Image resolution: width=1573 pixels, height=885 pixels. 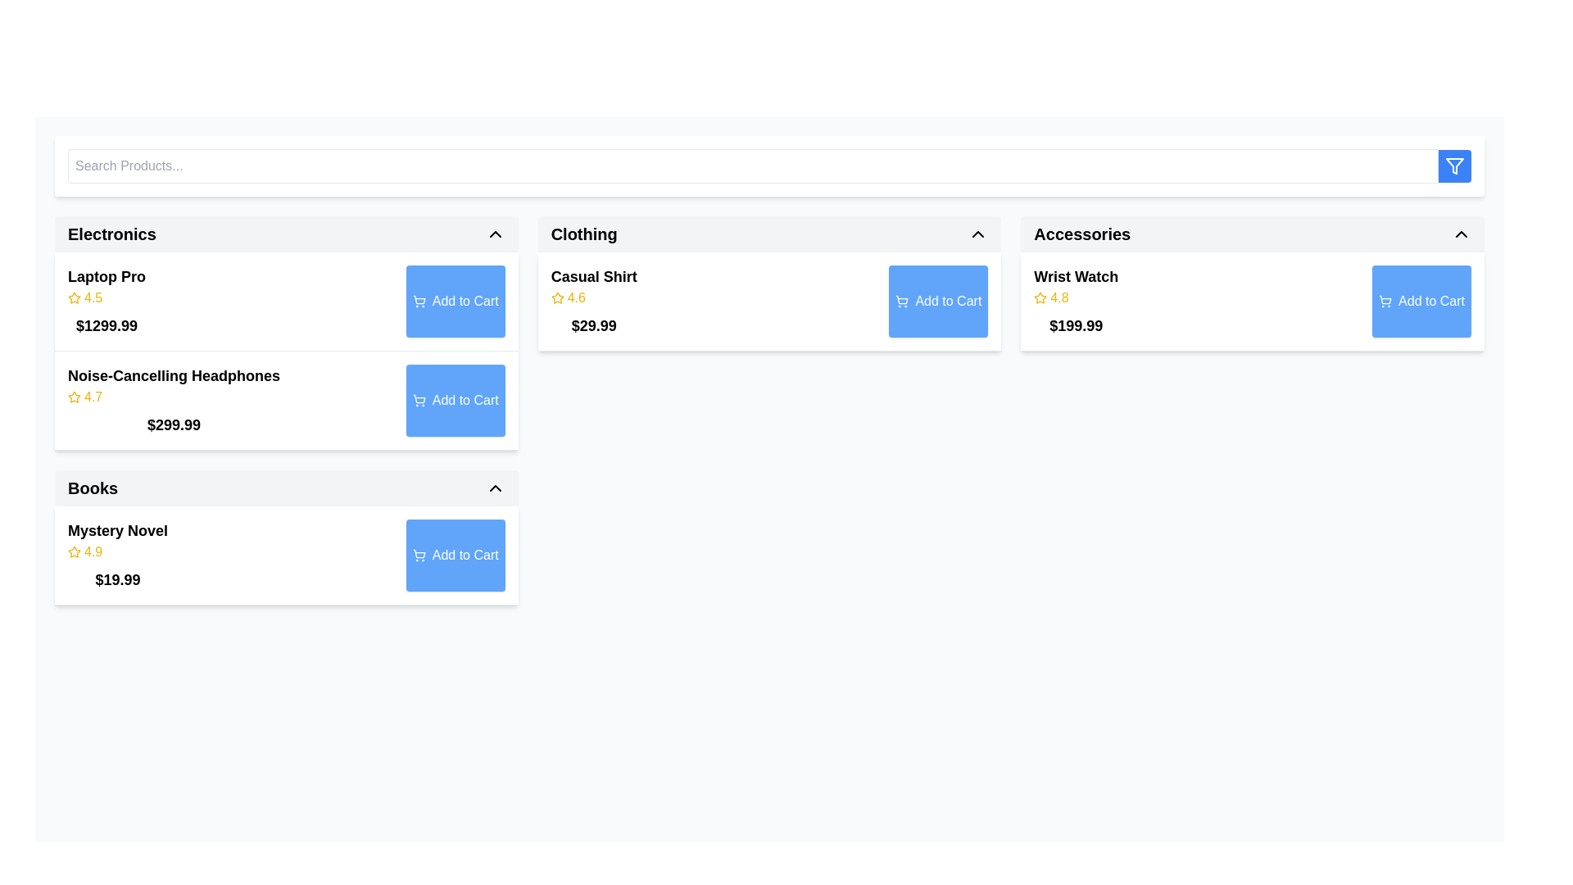 I want to click on the star-shaped graphical icon representing a single star in the Clothing section, adjacent to the title 'Casual Shirt', so click(x=557, y=297).